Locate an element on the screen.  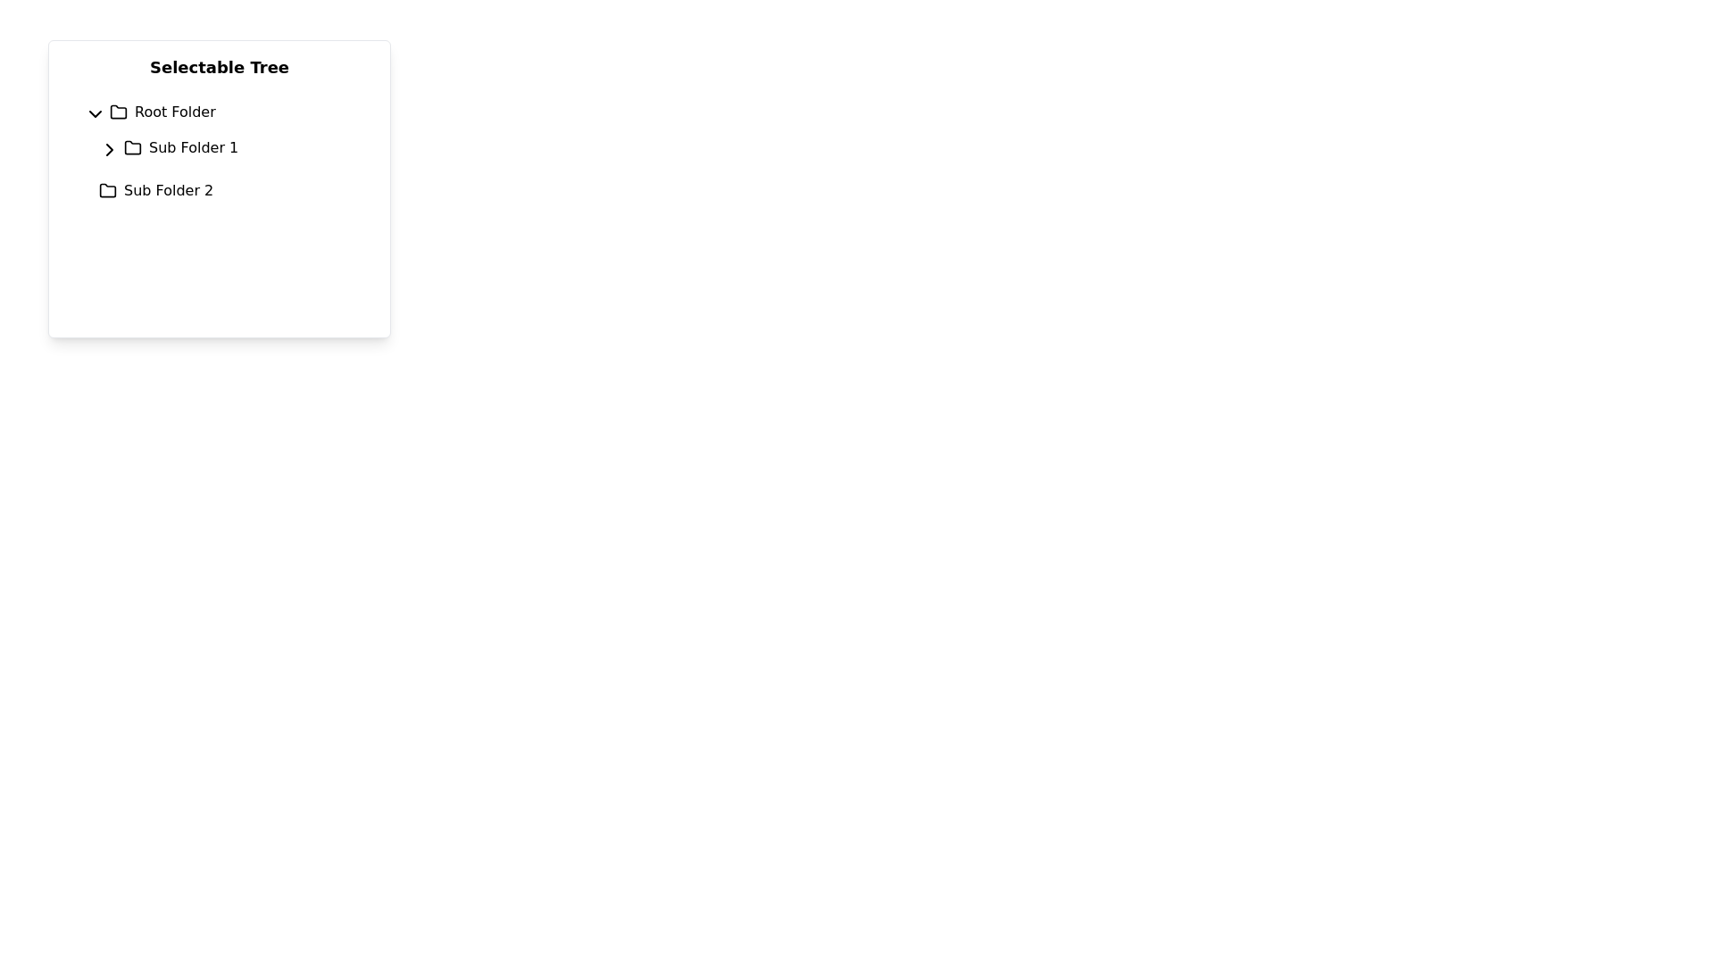
the Chevron-down icon to the left of the 'Root Folder' text in the selectable tree menu, which indicates the expand or collapse state of the folder is located at coordinates (94, 113).